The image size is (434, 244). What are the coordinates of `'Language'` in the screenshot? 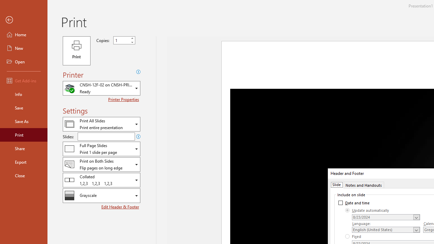 It's located at (386, 229).